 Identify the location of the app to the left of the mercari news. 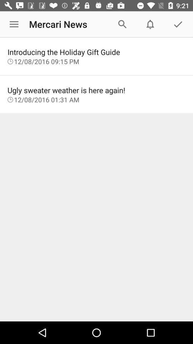
(14, 24).